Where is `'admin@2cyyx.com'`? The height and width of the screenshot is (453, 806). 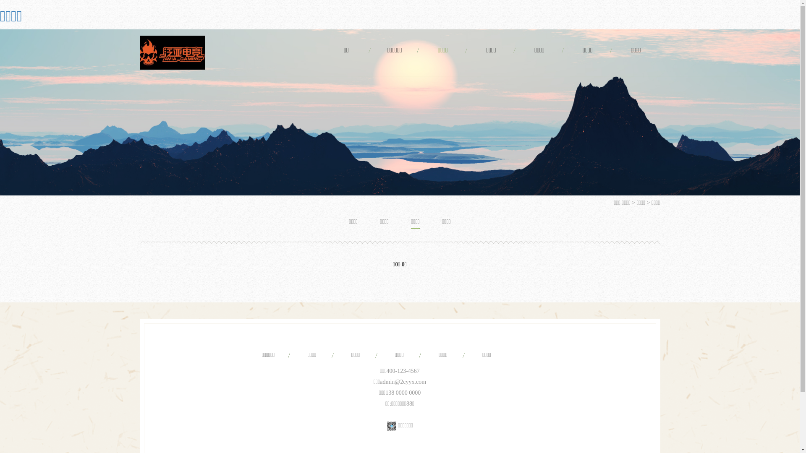 'admin@2cyyx.com' is located at coordinates (403, 382).